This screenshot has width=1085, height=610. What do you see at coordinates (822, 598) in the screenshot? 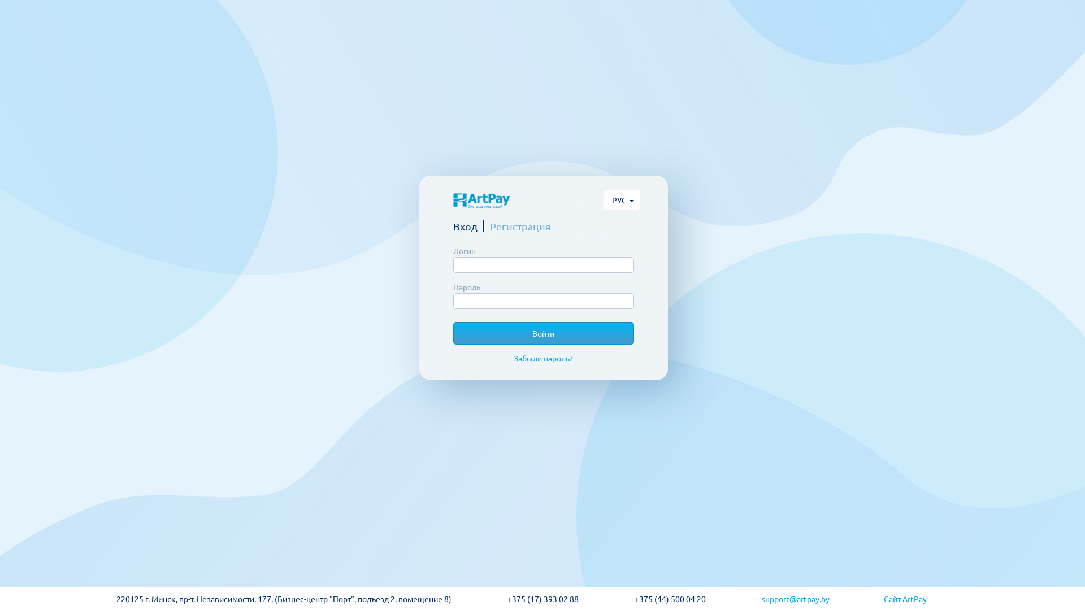
I see `'support@artpay.by'` at bounding box center [822, 598].